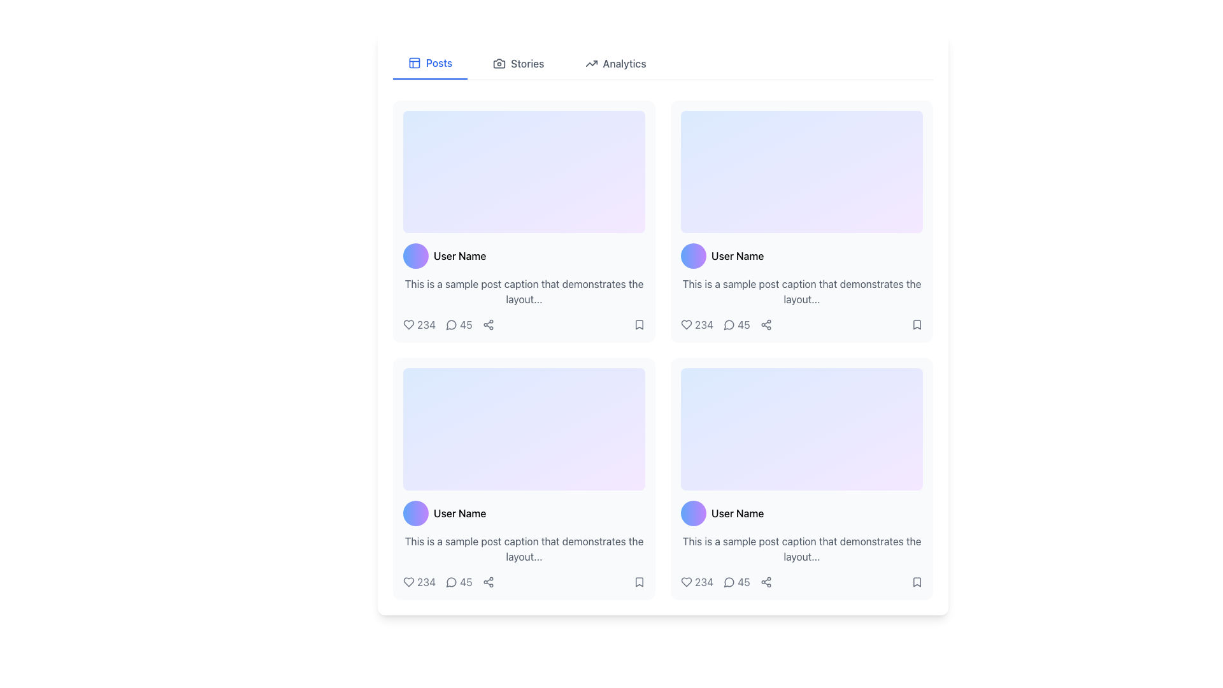 The image size is (1223, 688). Describe the element at coordinates (765, 324) in the screenshot. I see `the share icon button, which resembles interconnected circles with lines and is located in the bottom-right corner of the post card, to share the post` at that location.